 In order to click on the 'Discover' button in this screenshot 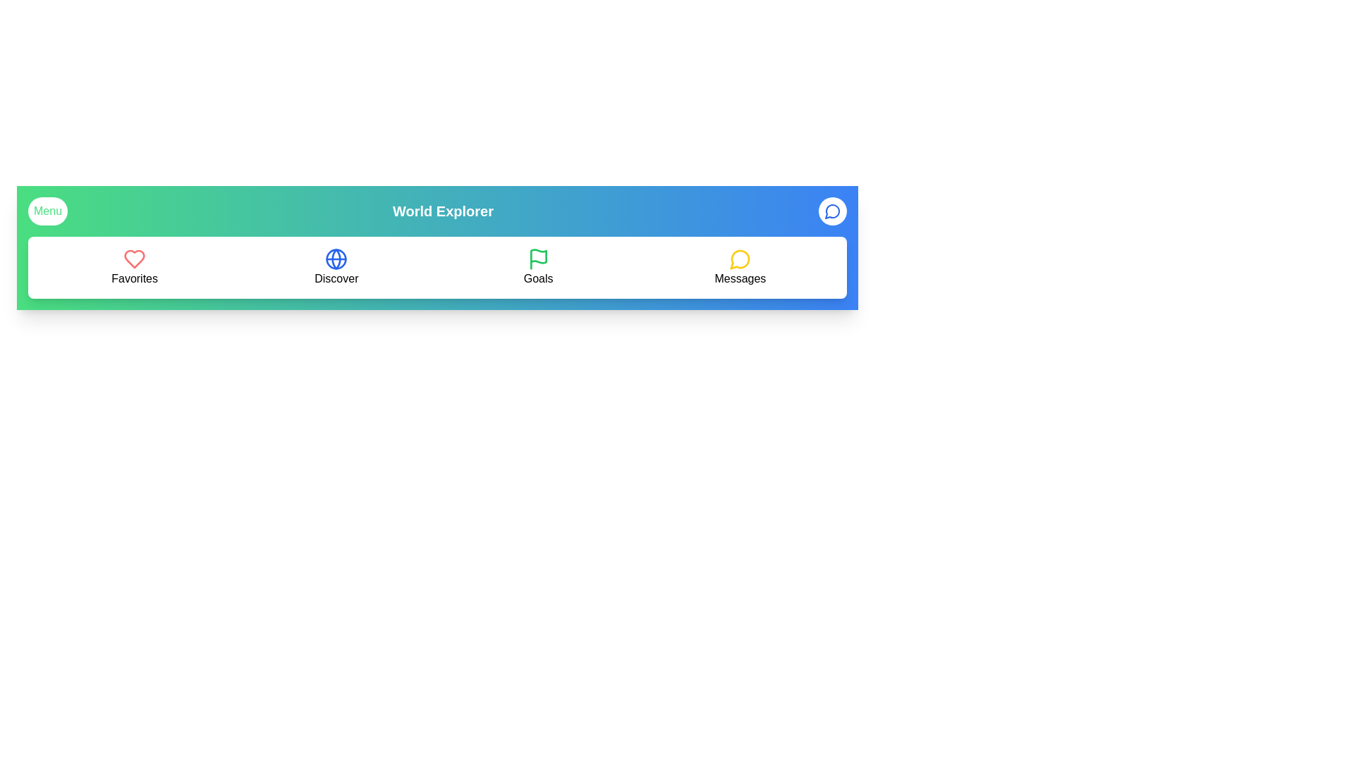, I will do `click(335, 268)`.